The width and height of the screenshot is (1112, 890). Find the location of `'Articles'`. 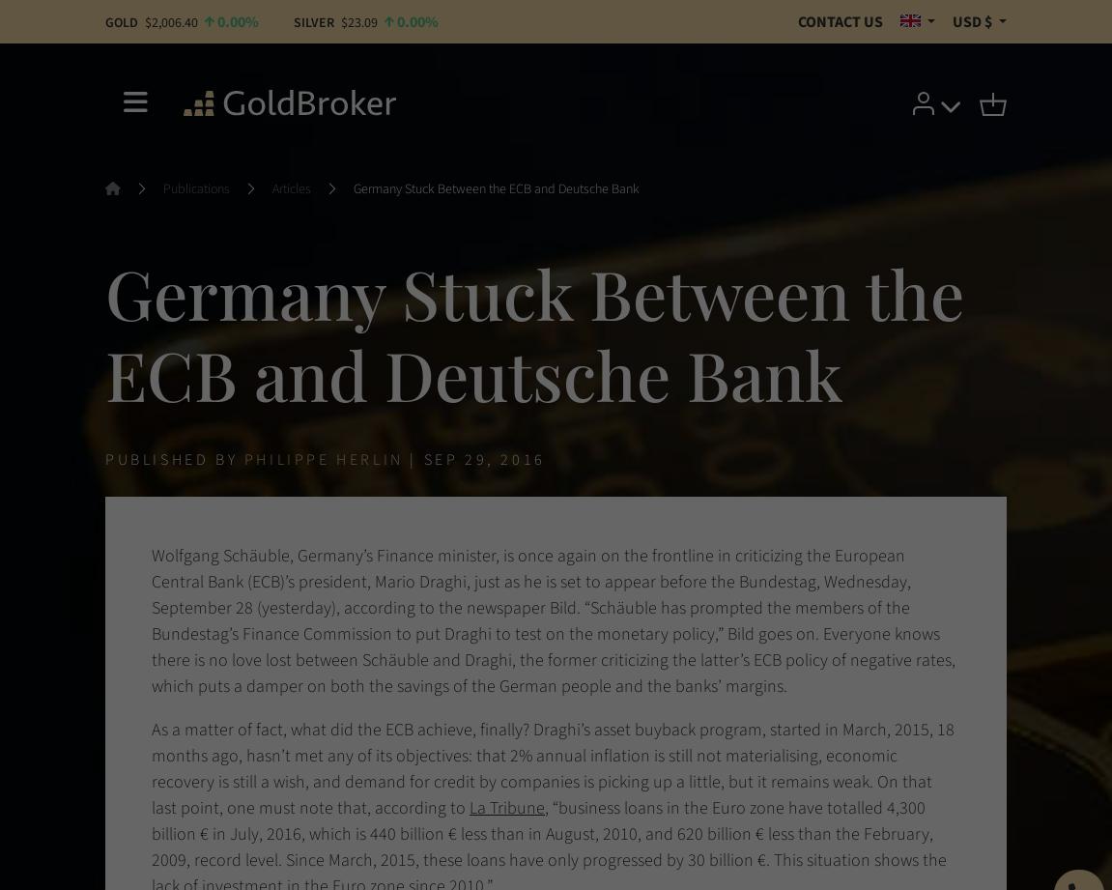

'Articles' is located at coordinates (292, 187).